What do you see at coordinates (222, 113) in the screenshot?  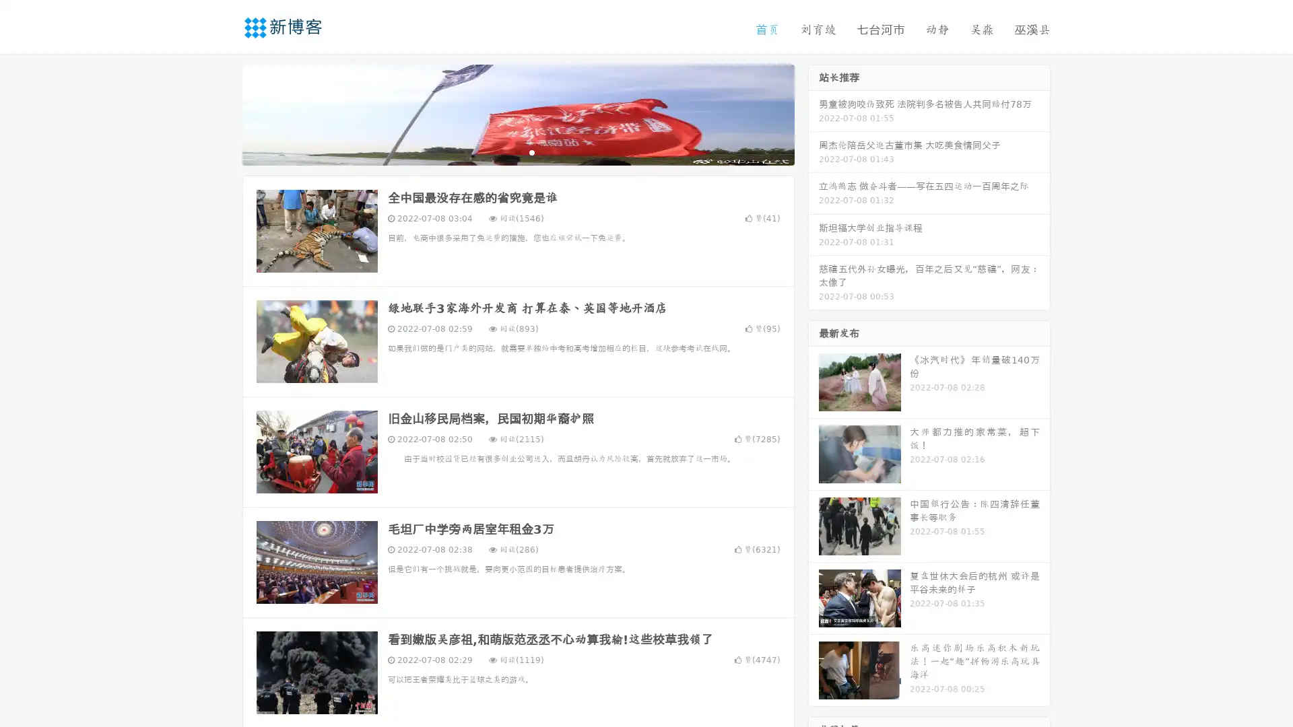 I see `Previous slide` at bounding box center [222, 113].